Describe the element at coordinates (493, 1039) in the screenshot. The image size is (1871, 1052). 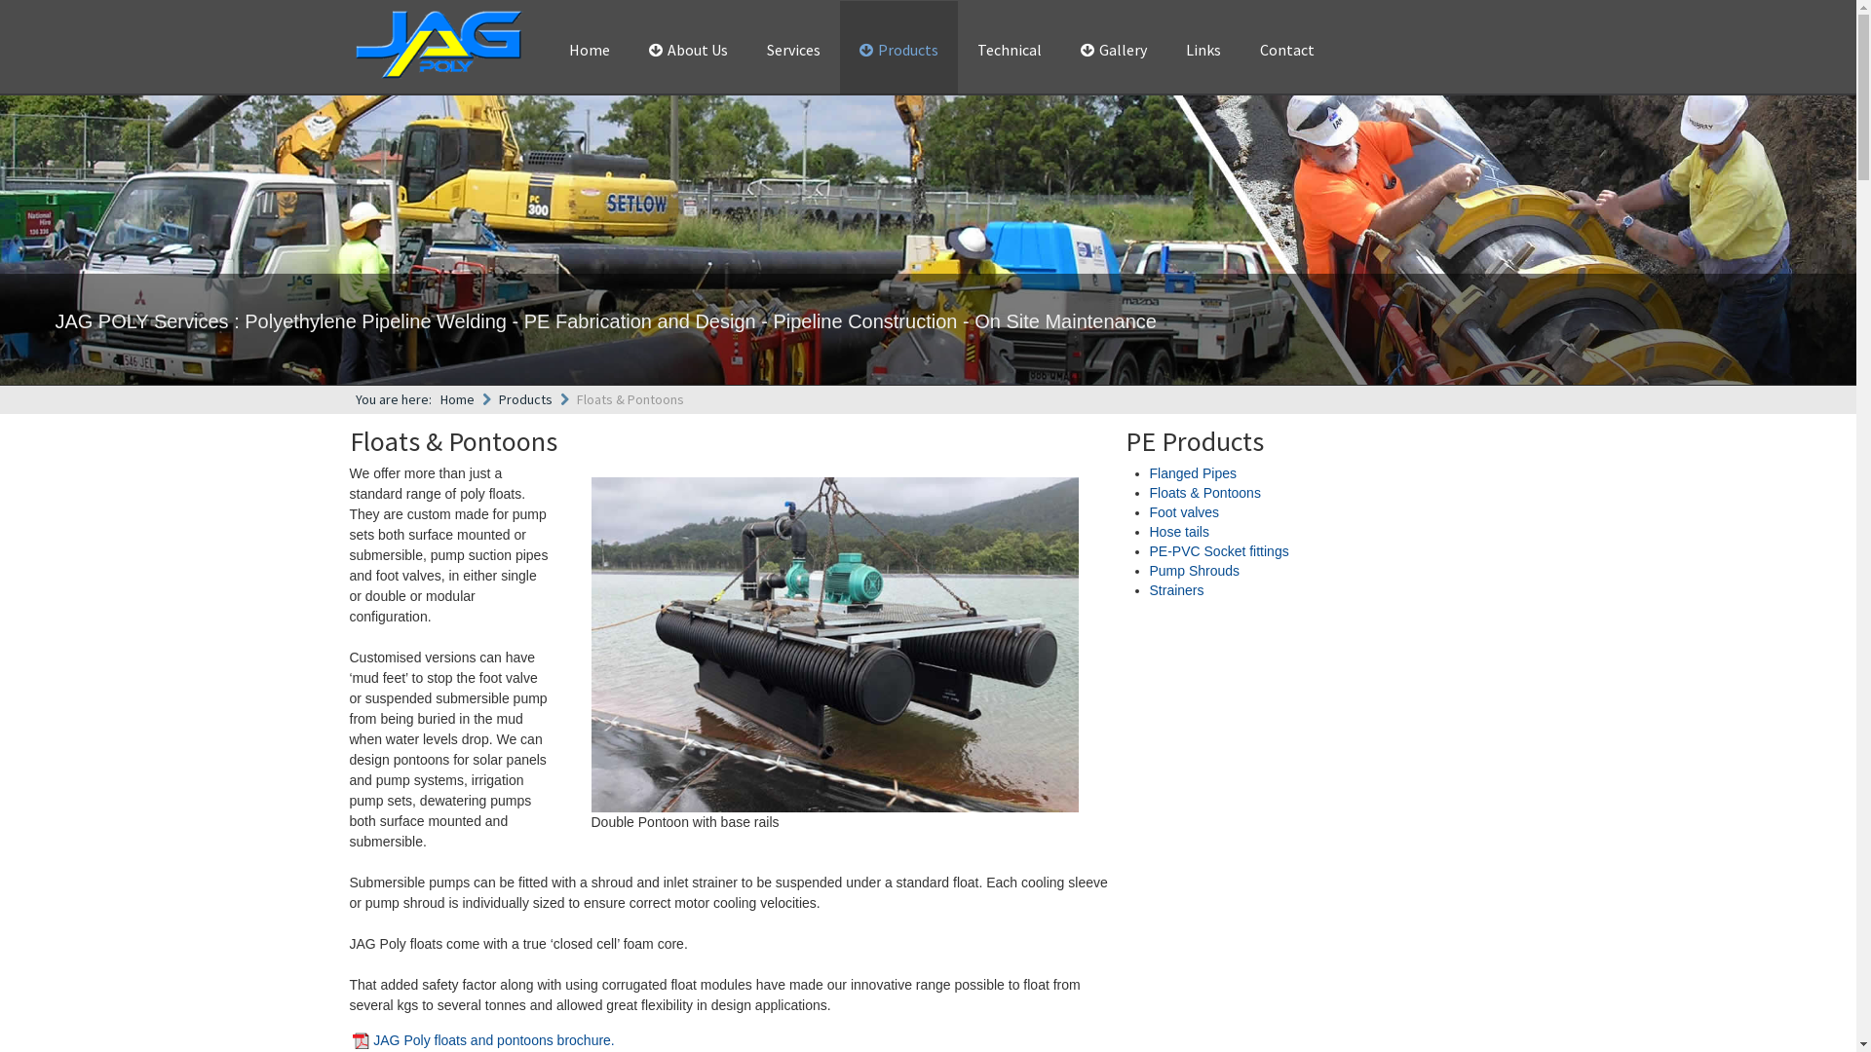
I see `'JAG Poly floats and pontoons brochure.'` at that location.